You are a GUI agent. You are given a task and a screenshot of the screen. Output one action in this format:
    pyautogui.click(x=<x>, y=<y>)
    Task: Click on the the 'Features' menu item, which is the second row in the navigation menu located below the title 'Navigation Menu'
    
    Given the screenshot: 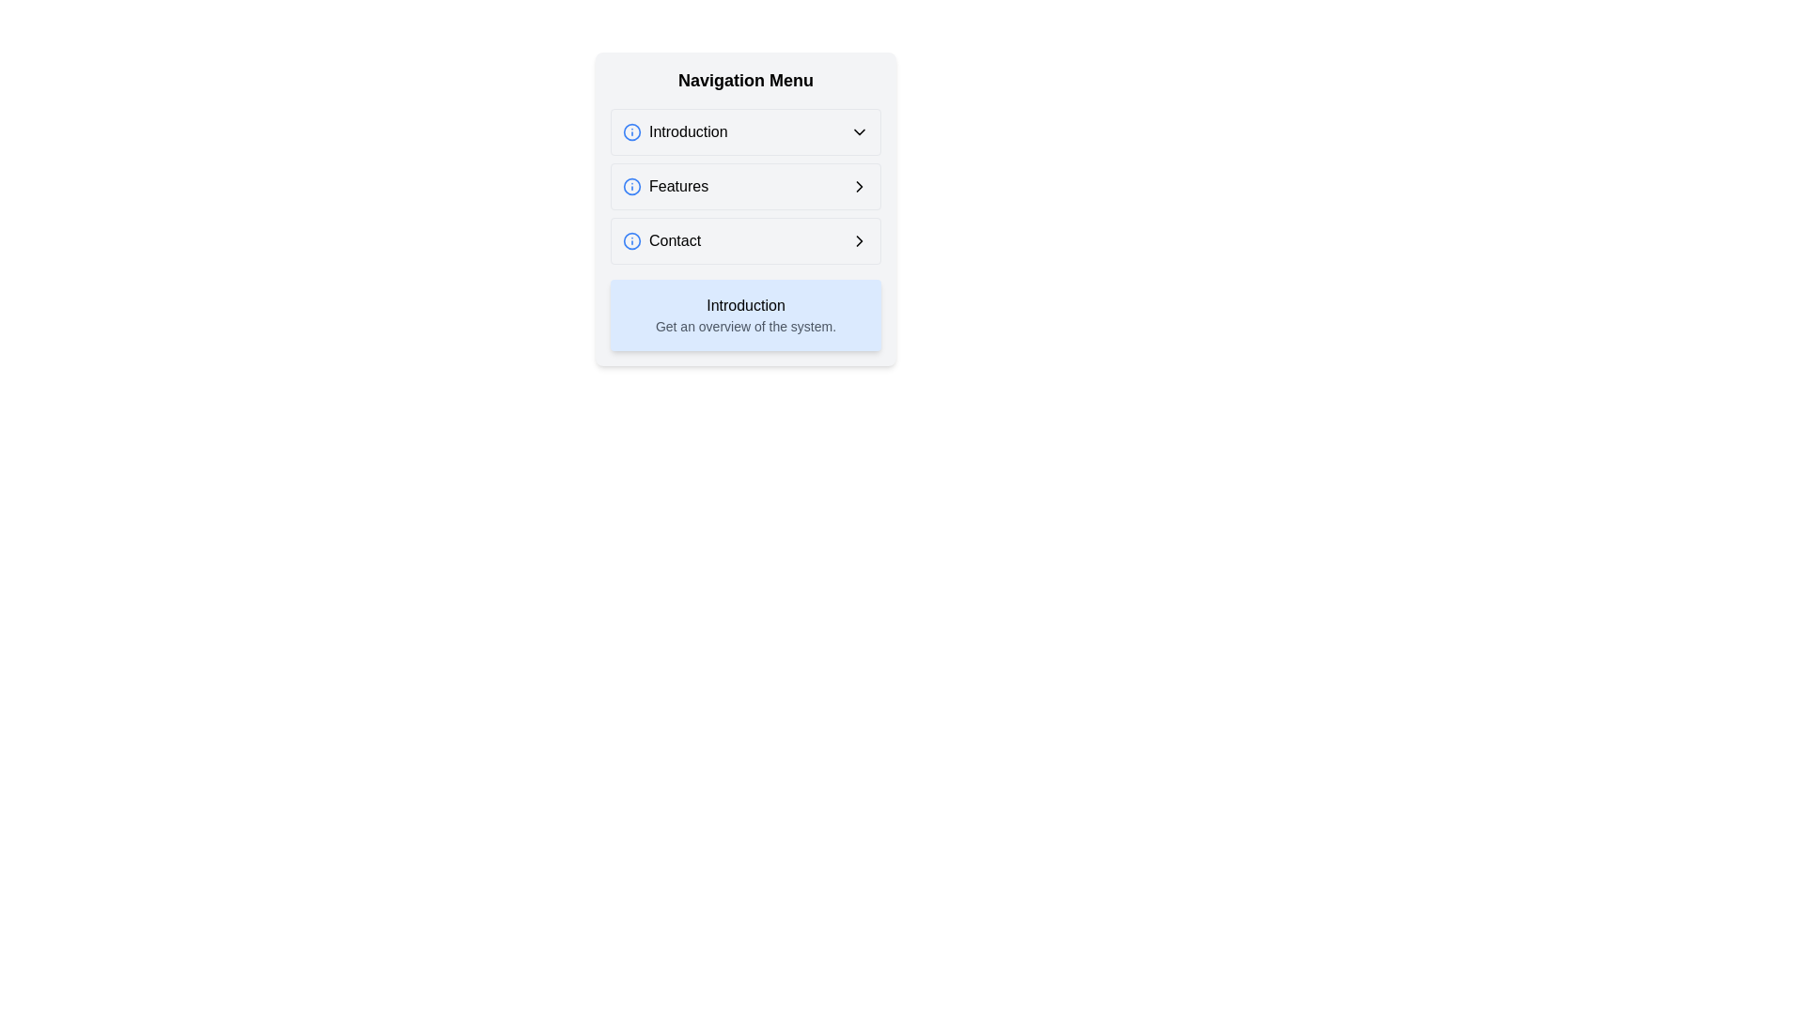 What is the action you would take?
    pyautogui.click(x=744, y=209)
    